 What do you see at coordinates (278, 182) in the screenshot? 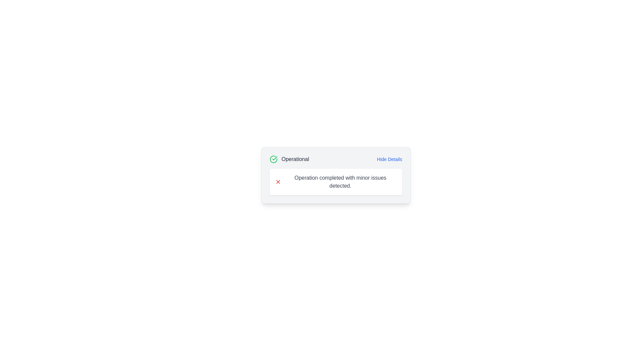
I see `the red 'X' icon button indicating an error or close action, located in the lower portion of the 'Operational' notification box, just before the text 'Operation completed with minor issues detected.'` at bounding box center [278, 182].